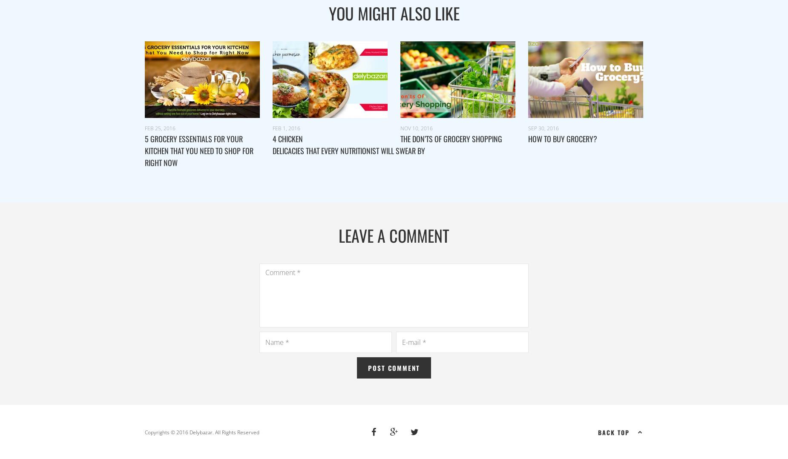 The width and height of the screenshot is (788, 459). I want to click on 'You Might Also Like', so click(394, 12).